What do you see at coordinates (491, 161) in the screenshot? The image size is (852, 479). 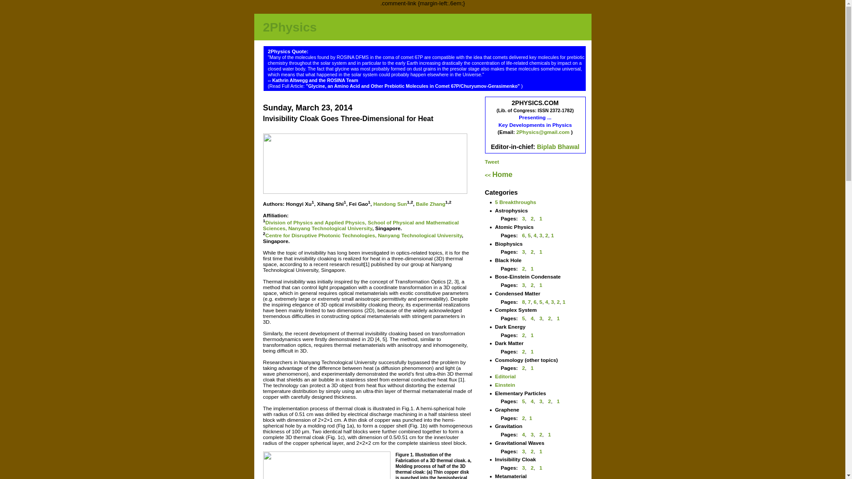 I see `'Tweet'` at bounding box center [491, 161].